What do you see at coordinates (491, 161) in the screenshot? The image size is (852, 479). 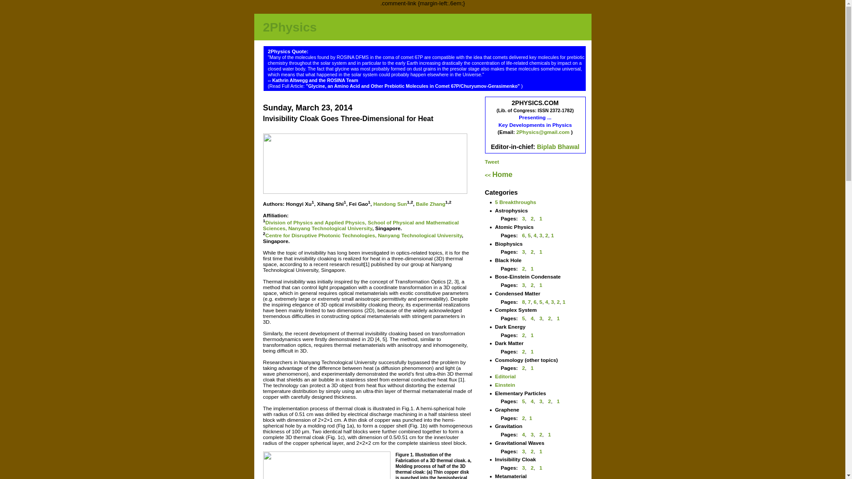 I see `'Tweet'` at bounding box center [491, 161].